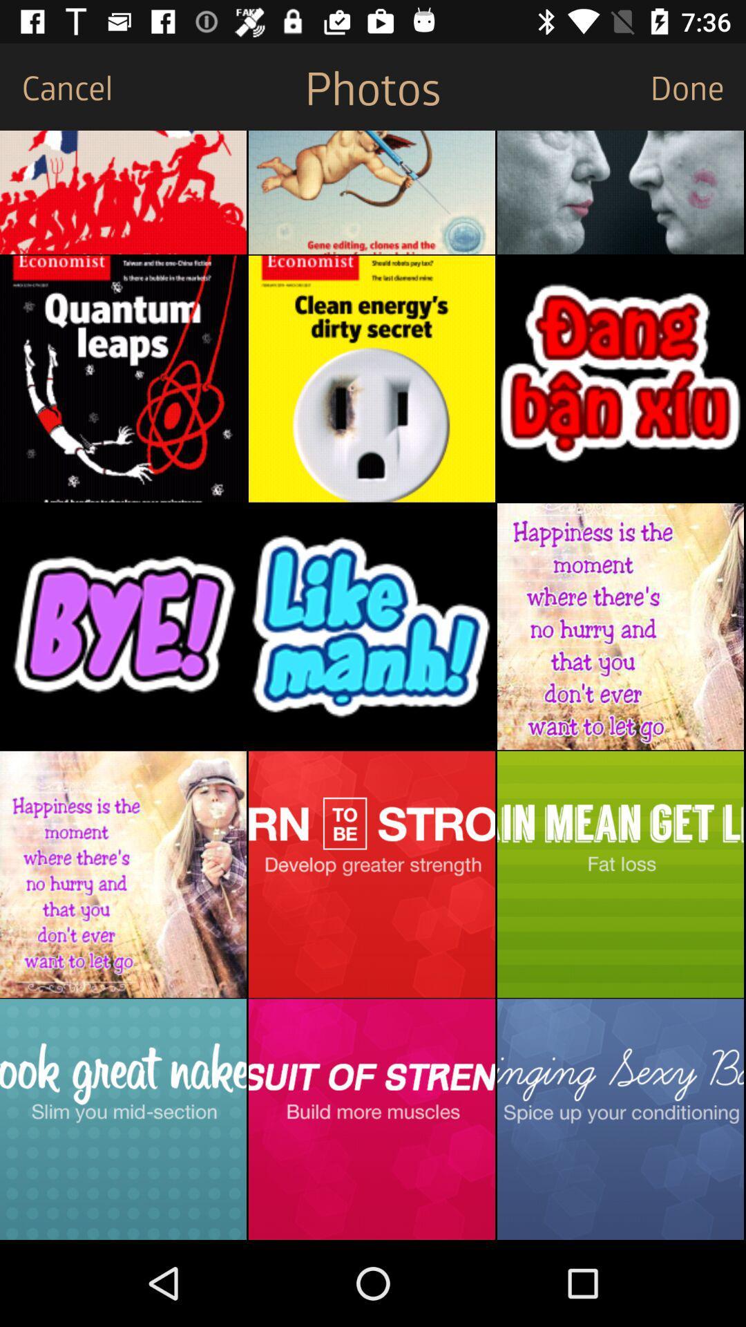 The width and height of the screenshot is (746, 1327). What do you see at coordinates (122, 1119) in the screenshot?
I see `see options for slimming mid-section` at bounding box center [122, 1119].